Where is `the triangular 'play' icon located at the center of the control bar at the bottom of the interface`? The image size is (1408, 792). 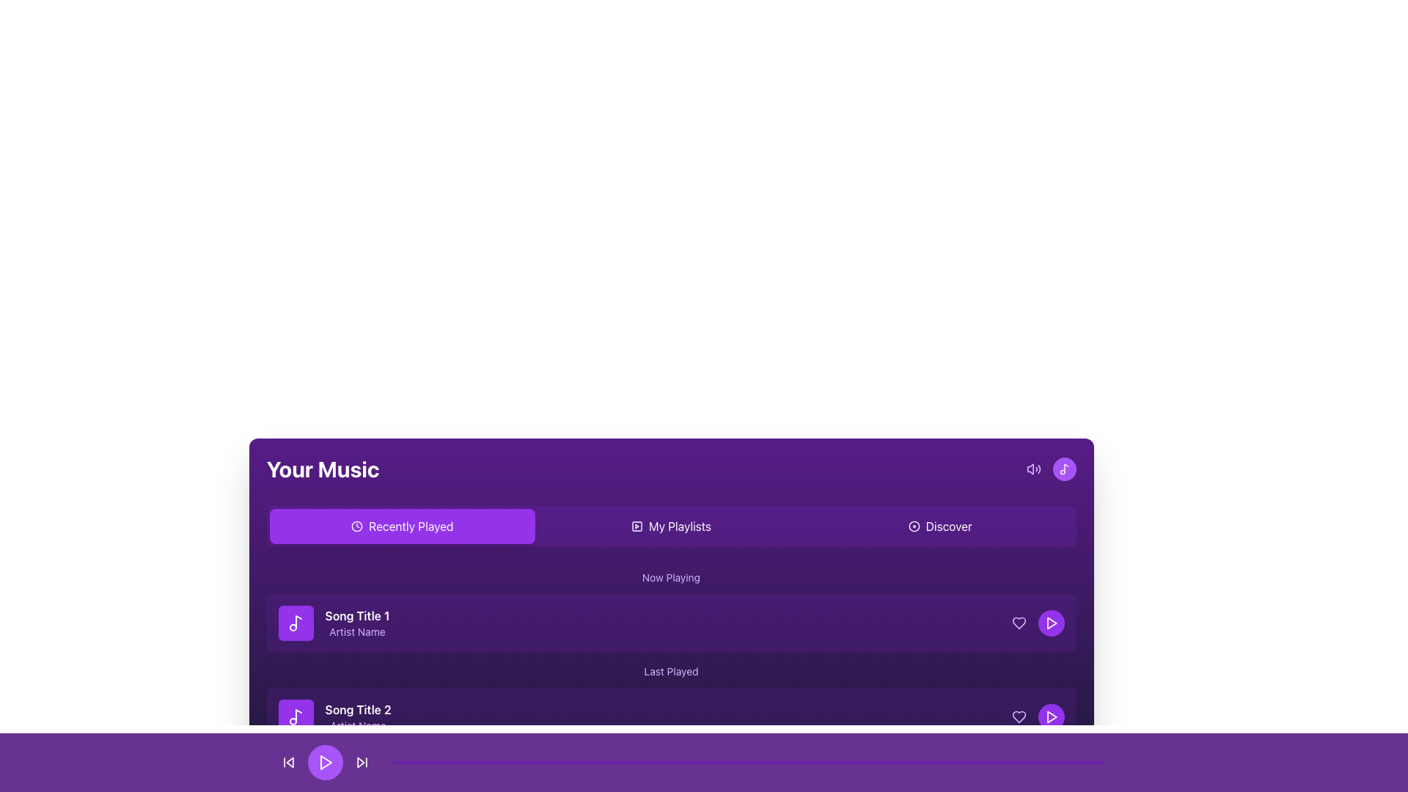
the triangular 'play' icon located at the center of the control bar at the bottom of the interface is located at coordinates (361, 762).